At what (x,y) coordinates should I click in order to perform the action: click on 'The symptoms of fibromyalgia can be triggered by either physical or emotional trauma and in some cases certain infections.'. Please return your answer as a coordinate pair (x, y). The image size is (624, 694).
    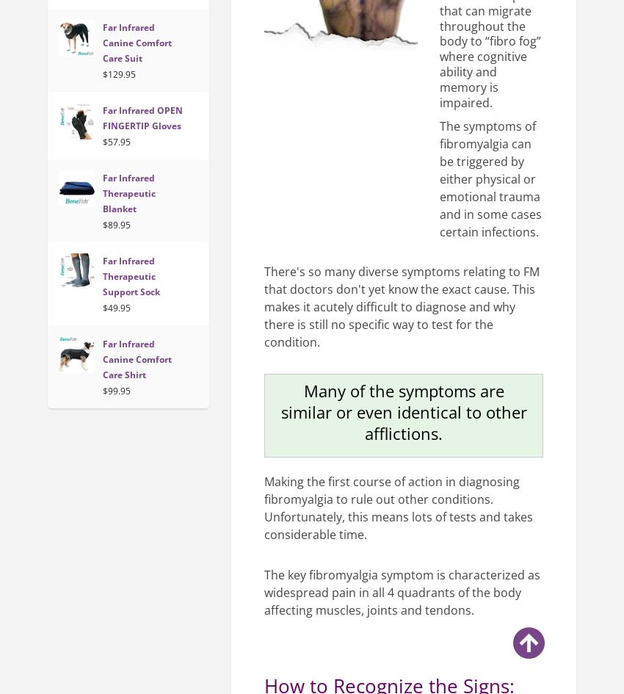
    Looking at the image, I should click on (490, 178).